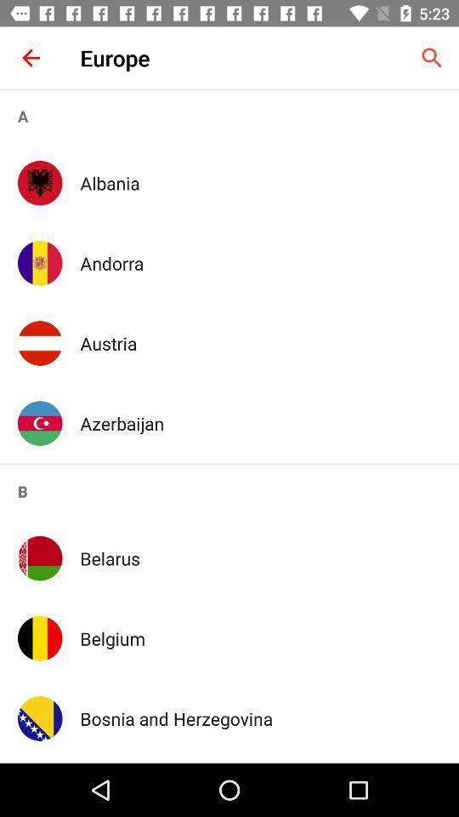  Describe the element at coordinates (40, 422) in the screenshot. I see `the icon next to the azerbaijan item` at that location.